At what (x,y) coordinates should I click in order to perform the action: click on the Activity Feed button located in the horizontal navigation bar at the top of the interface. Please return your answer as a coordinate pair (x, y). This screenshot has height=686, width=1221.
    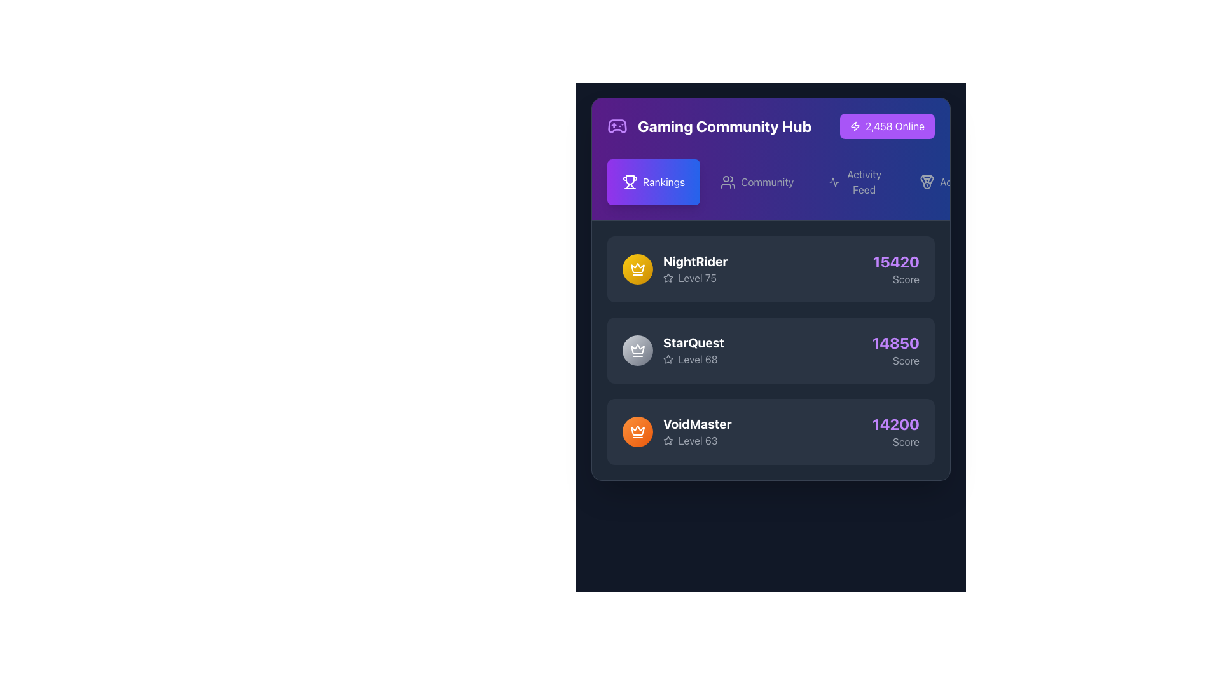
    Looking at the image, I should click on (857, 182).